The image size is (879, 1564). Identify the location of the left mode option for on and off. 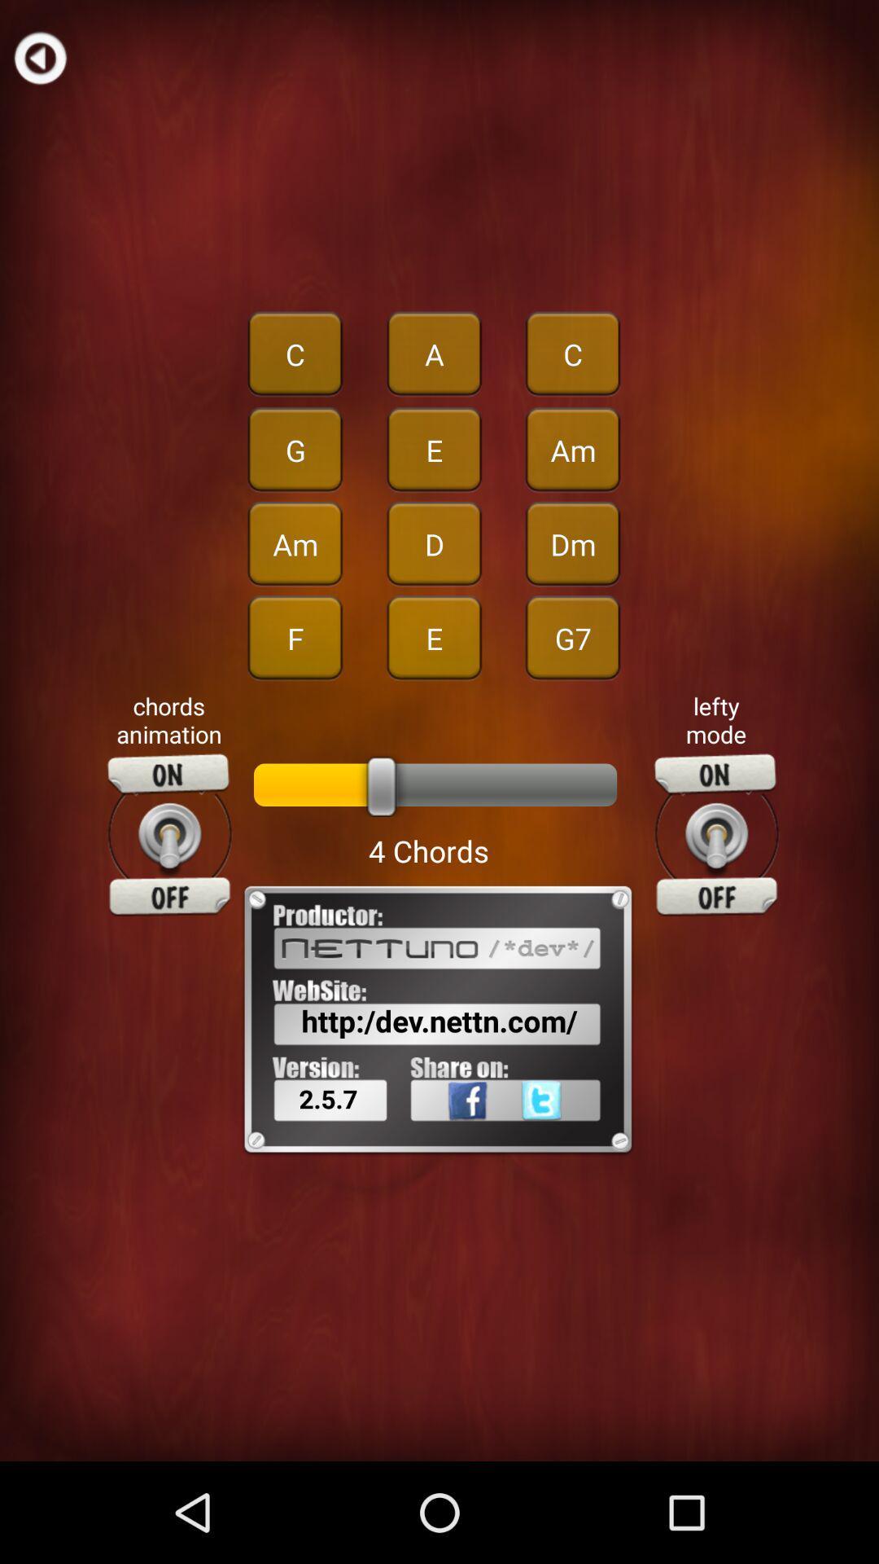
(715, 835).